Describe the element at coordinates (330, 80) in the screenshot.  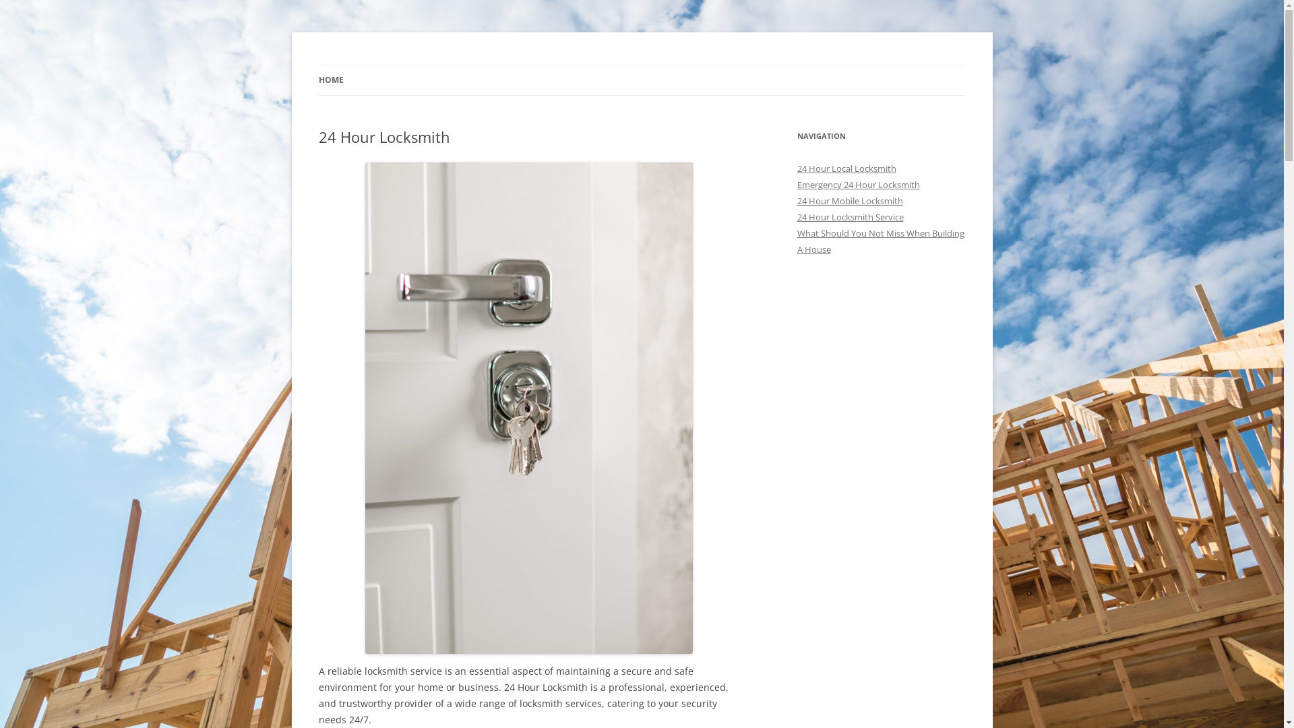
I see `'HOME'` at that location.